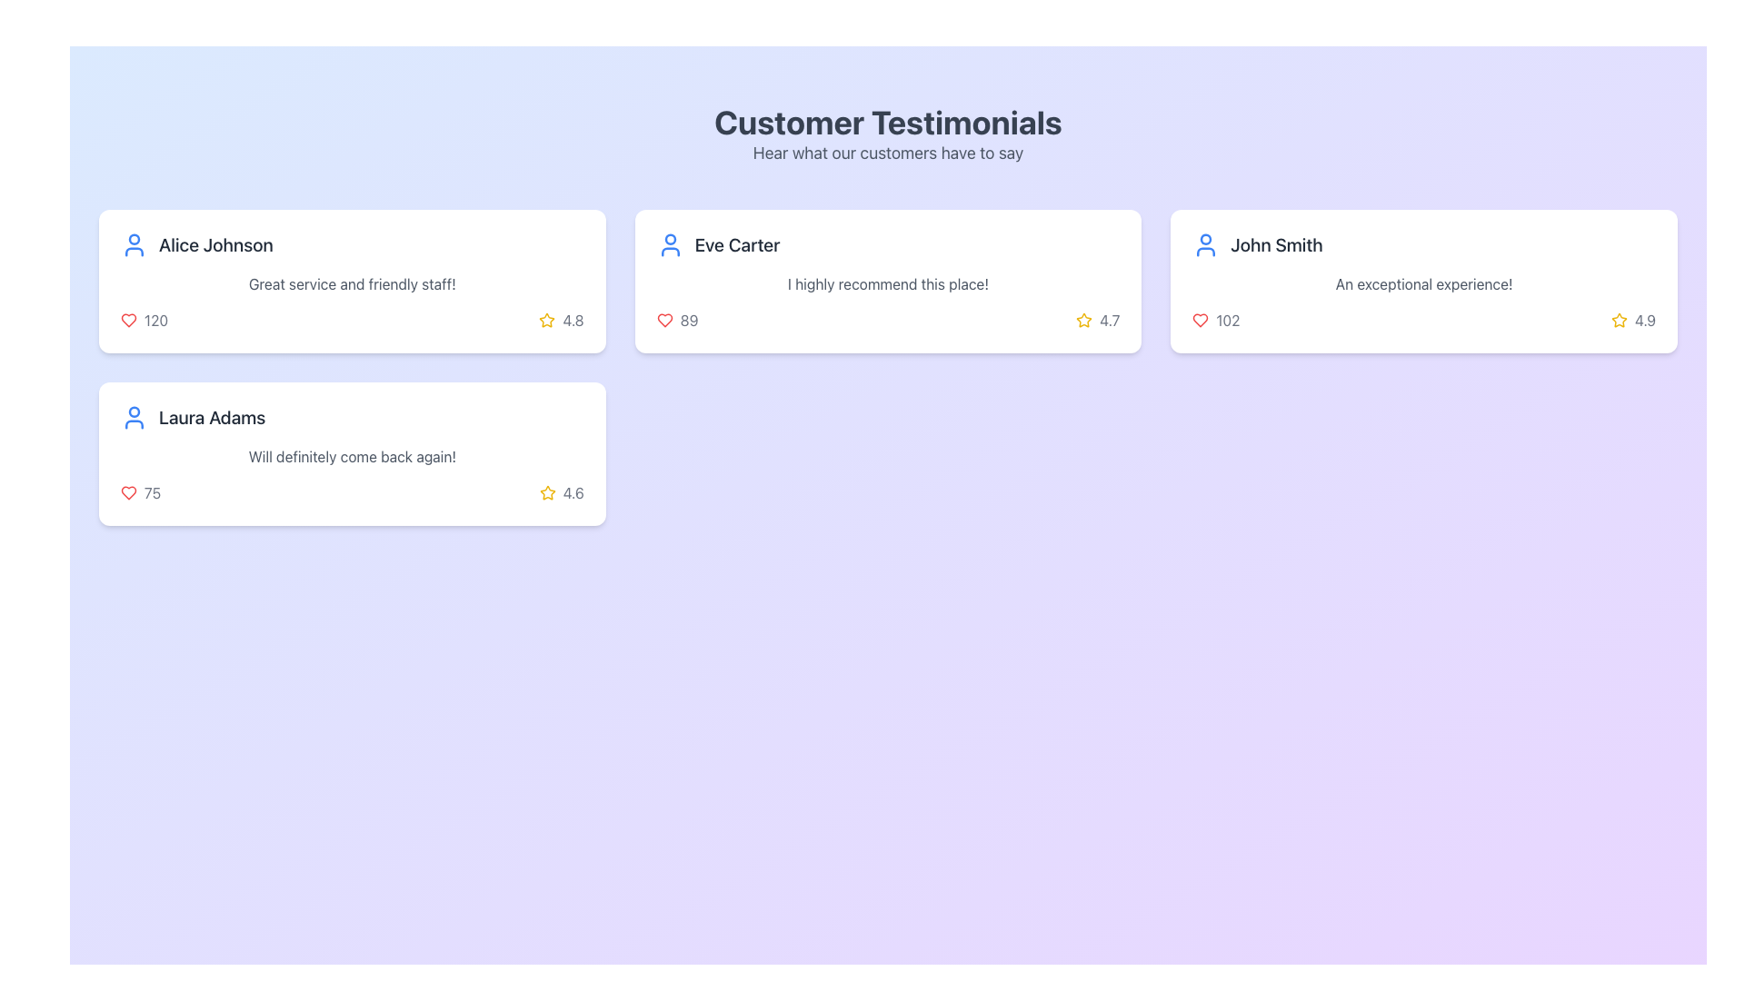  I want to click on numerical rating value displayed in the Text element associated with the testimonial in the card titled 'Alice Johnson', located at the top-left corner among the group of testimonial cards, near a yellow star icon, so click(573, 320).